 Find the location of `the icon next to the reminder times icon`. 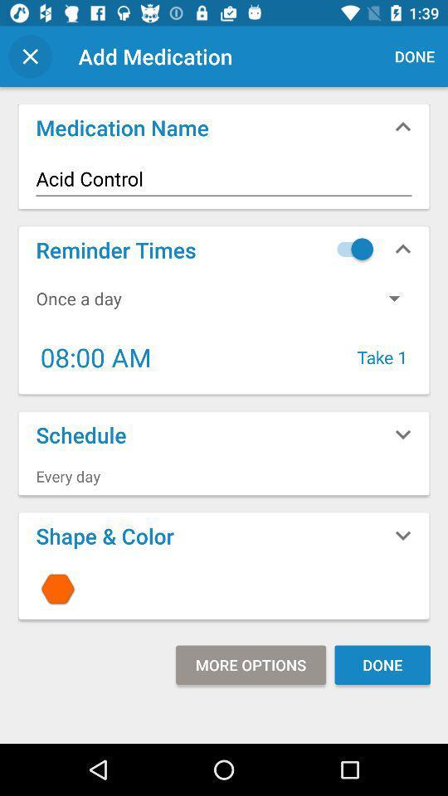

the icon next to the reminder times icon is located at coordinates (350, 248).